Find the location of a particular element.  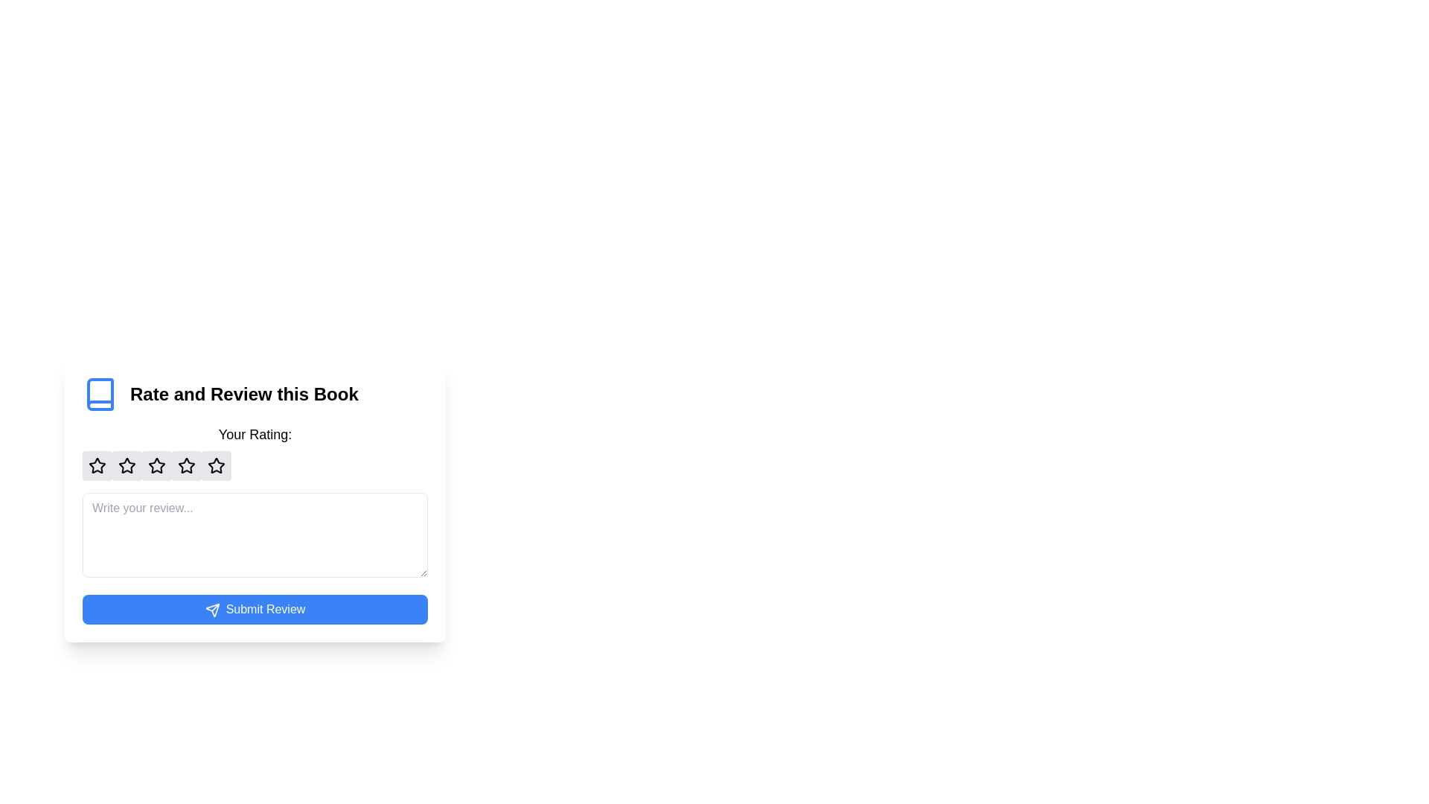

the fourth star in the horizontal row of five stars is located at coordinates (216, 465).